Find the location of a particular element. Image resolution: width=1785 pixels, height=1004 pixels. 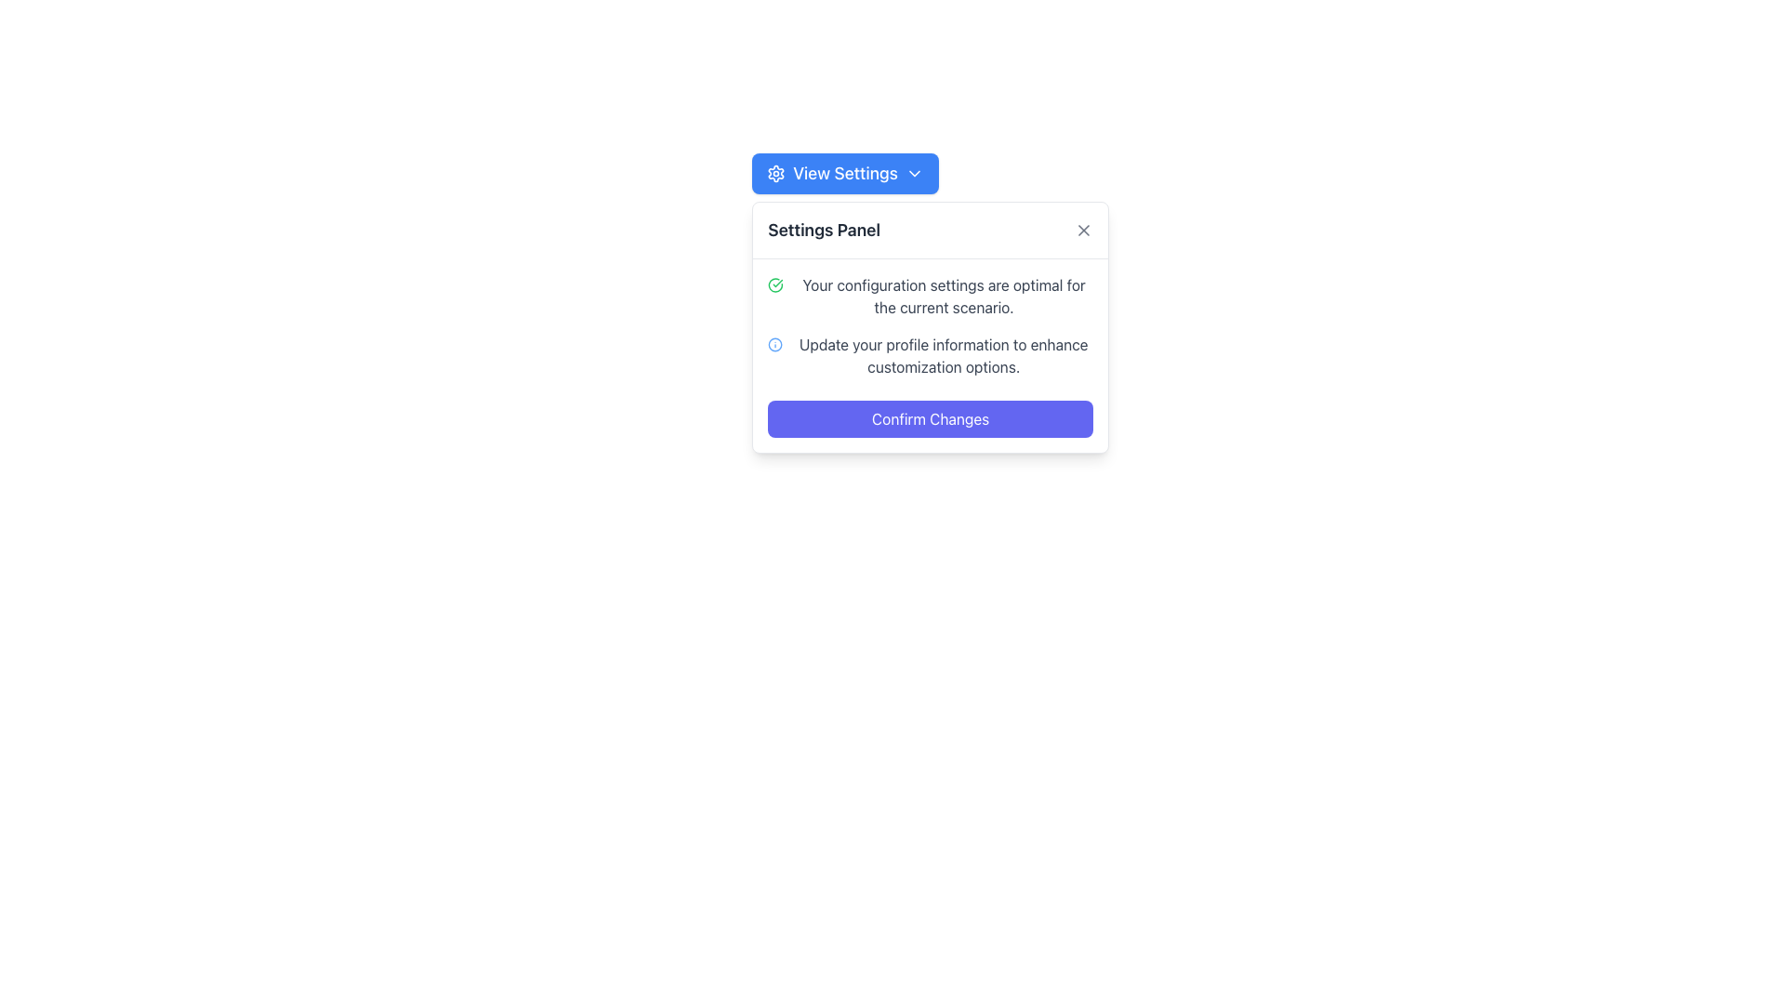

text content of the informational message located centrally within the 'Settings Panel', which includes a green check mark and a blue circular information icon is located at coordinates (931, 355).